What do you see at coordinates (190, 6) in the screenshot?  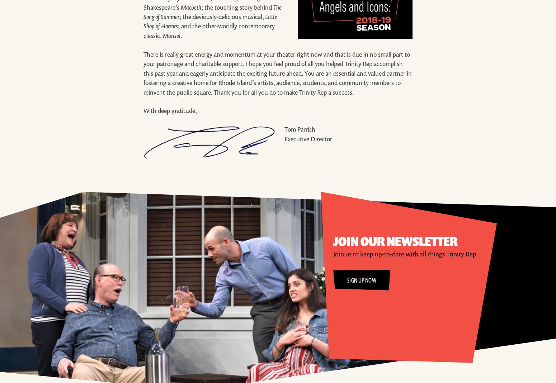 I see `'Macbeth'` at bounding box center [190, 6].